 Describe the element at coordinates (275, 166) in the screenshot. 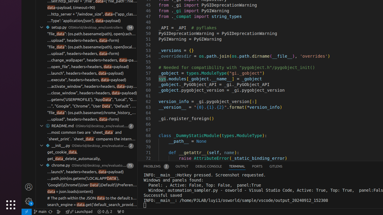

I see `'GitLens'` at that location.